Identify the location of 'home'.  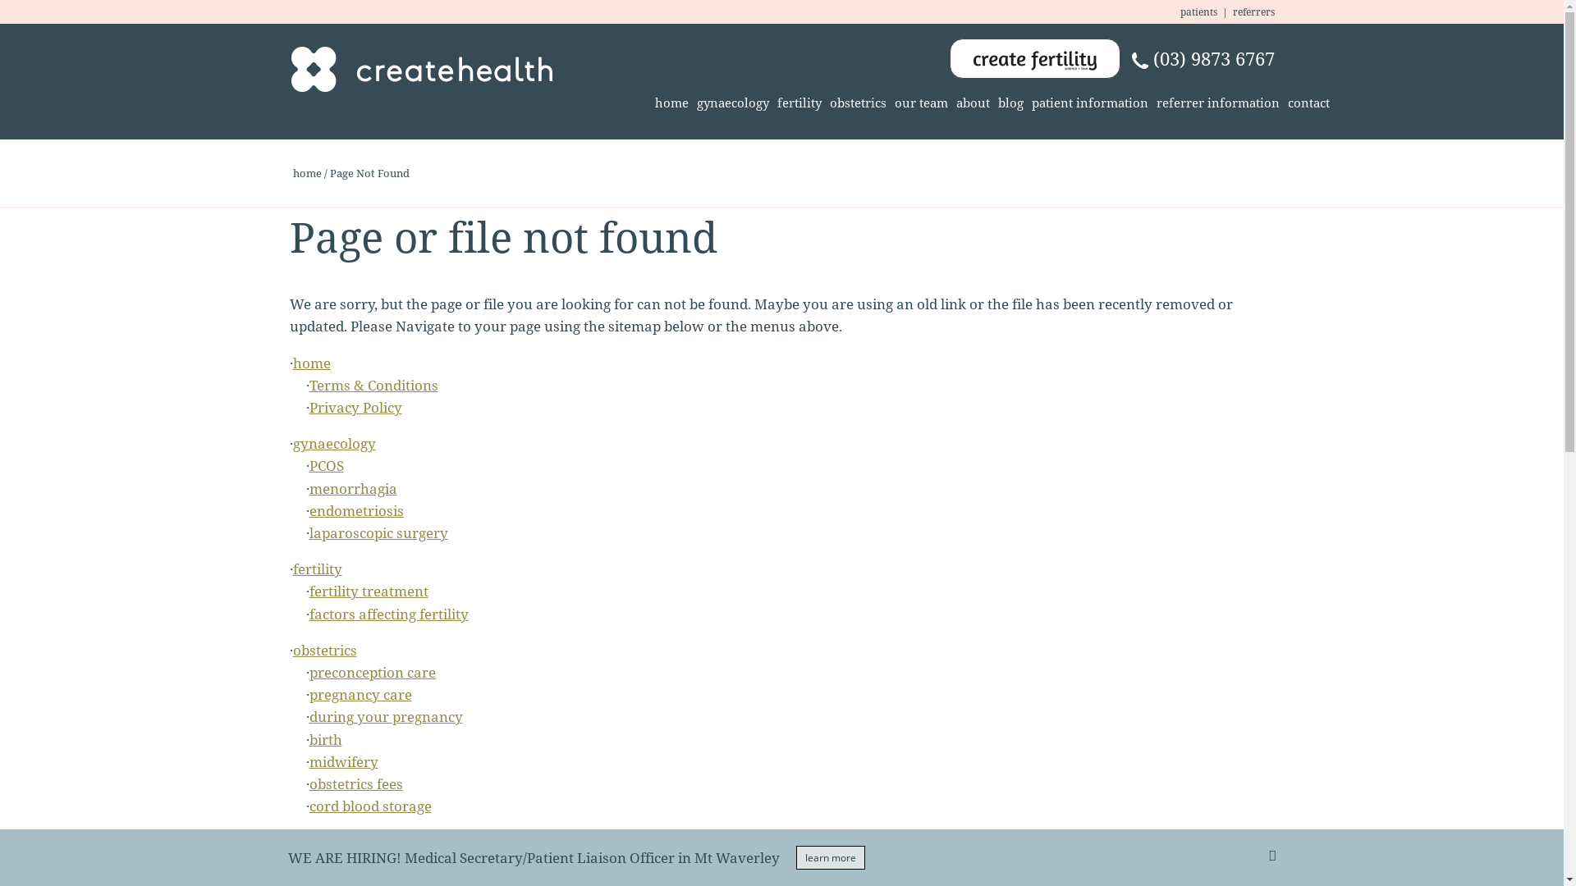
(671, 103).